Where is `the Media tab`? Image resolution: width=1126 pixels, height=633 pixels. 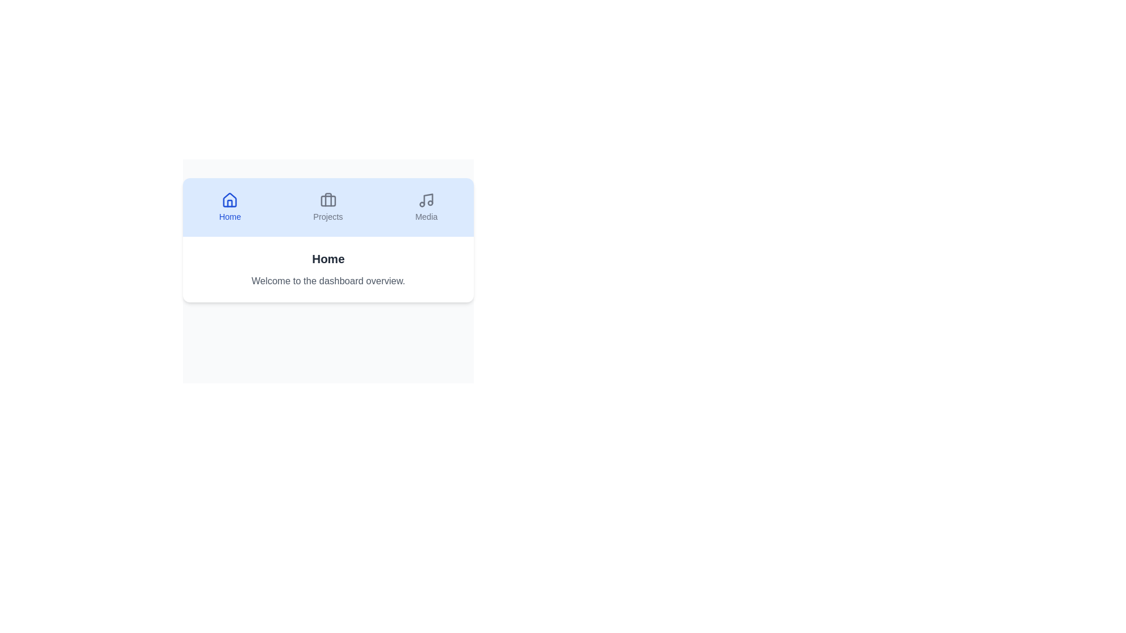
the Media tab is located at coordinates (425, 207).